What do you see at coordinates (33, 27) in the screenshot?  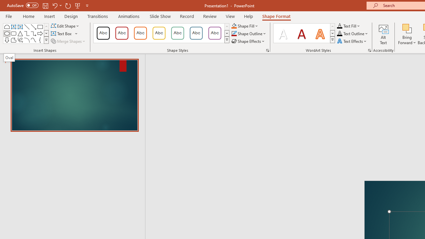 I see `'Line Arrow'` at bounding box center [33, 27].